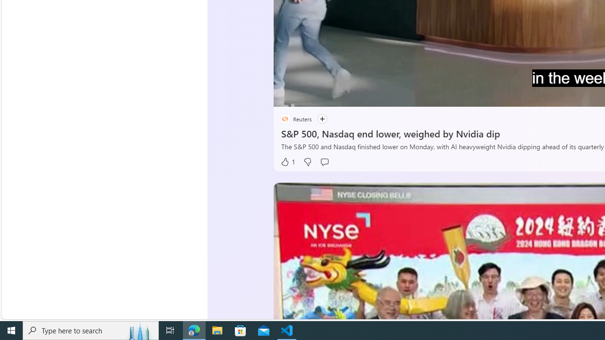  I want to click on 'placeholder', so click(284, 119).